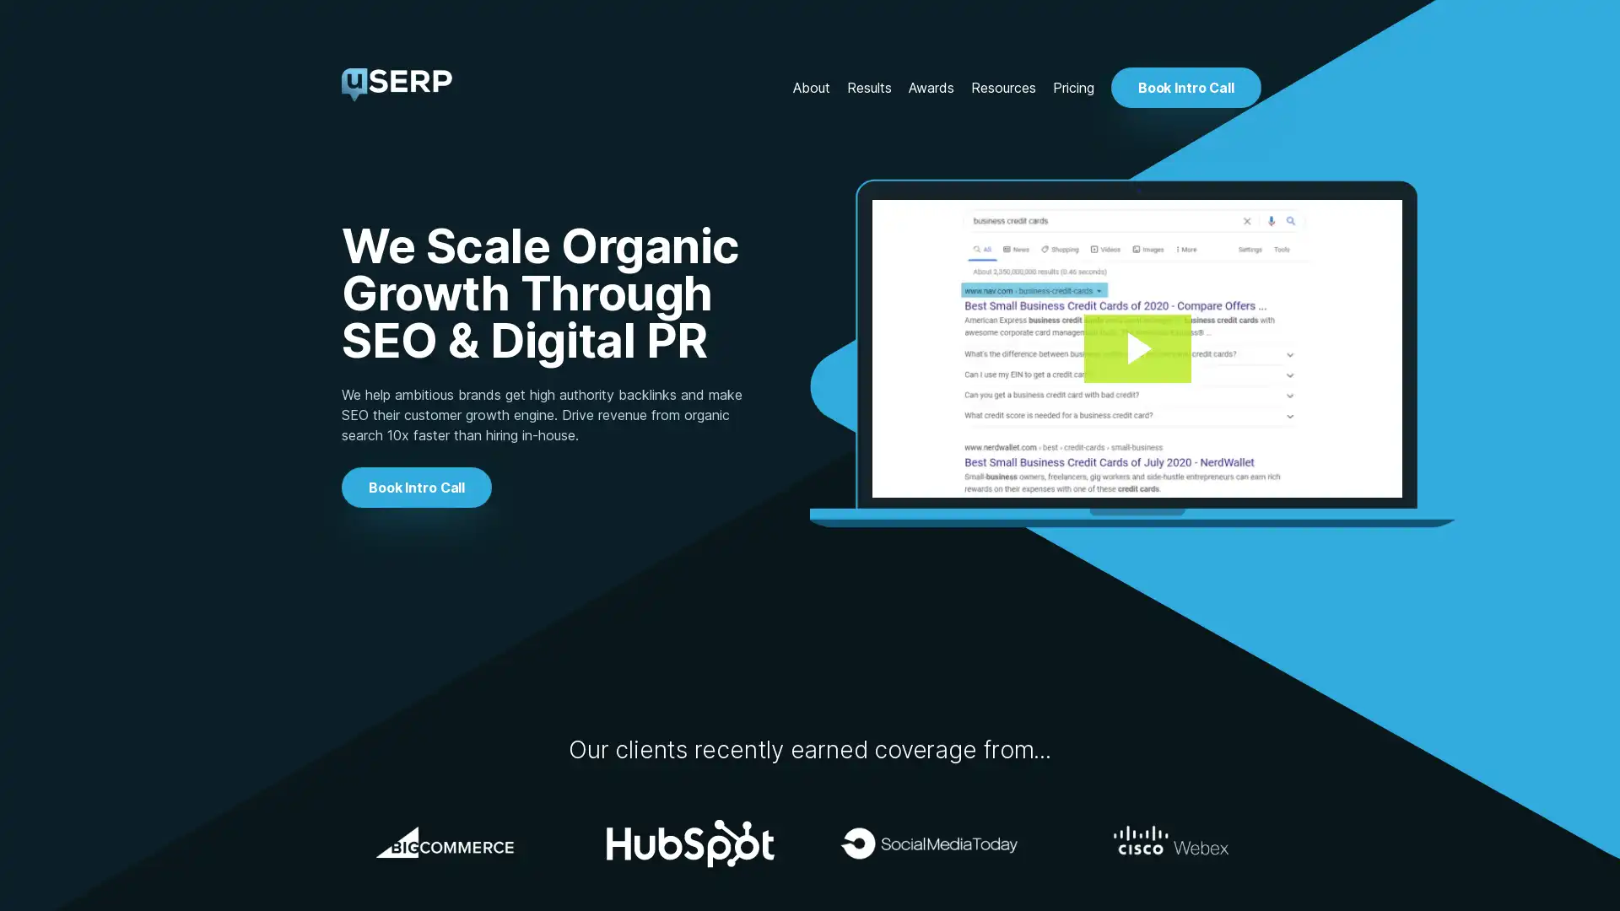 Image resolution: width=1620 pixels, height=911 pixels. I want to click on Play, so click(1137, 348).